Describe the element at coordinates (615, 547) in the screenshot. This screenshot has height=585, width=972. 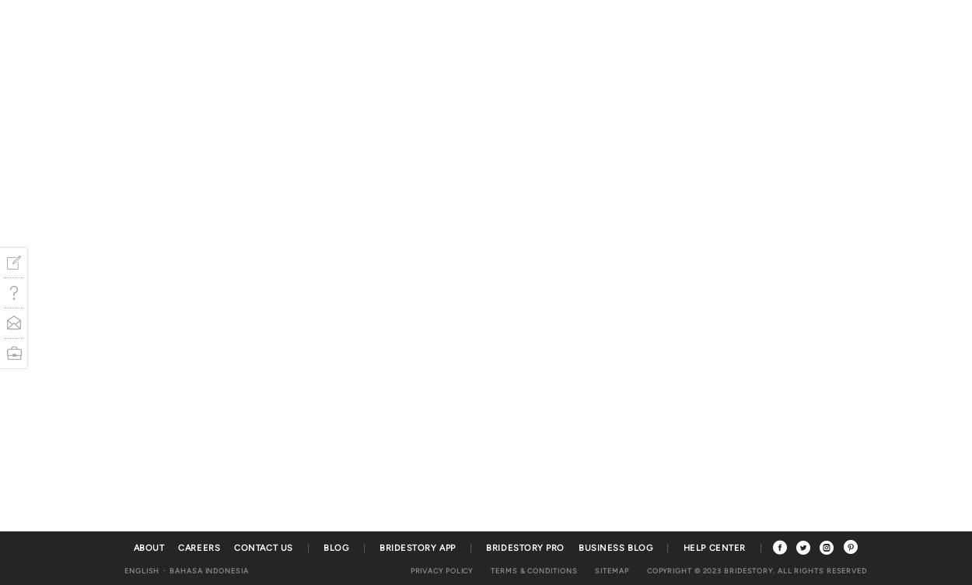
I see `'Business Blog'` at that location.